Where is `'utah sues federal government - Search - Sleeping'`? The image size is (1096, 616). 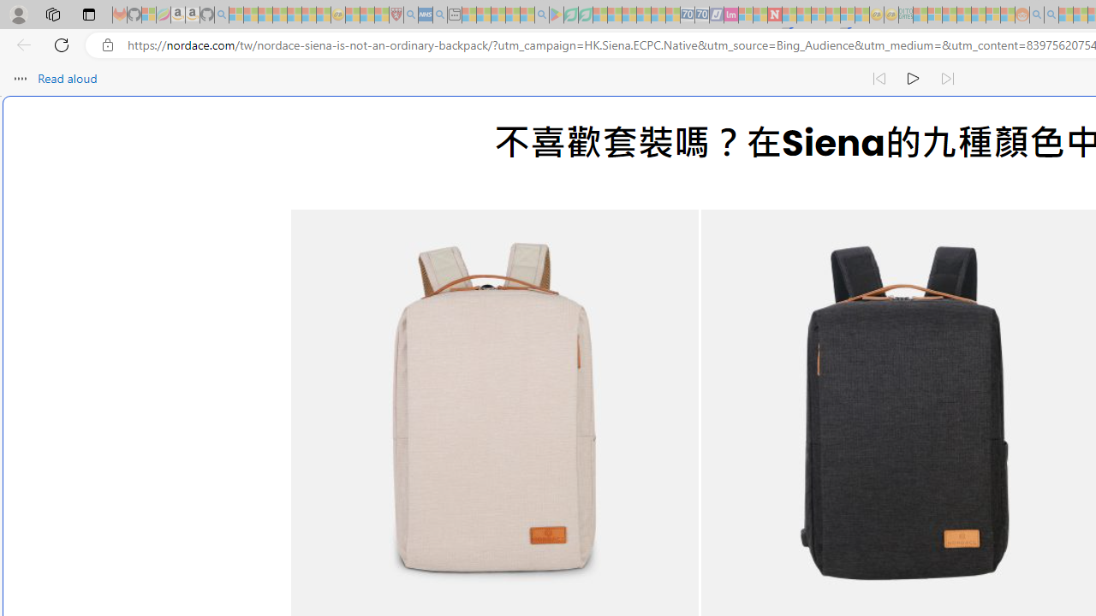 'utah sues federal government - Search - Sleeping' is located at coordinates (439, 15).